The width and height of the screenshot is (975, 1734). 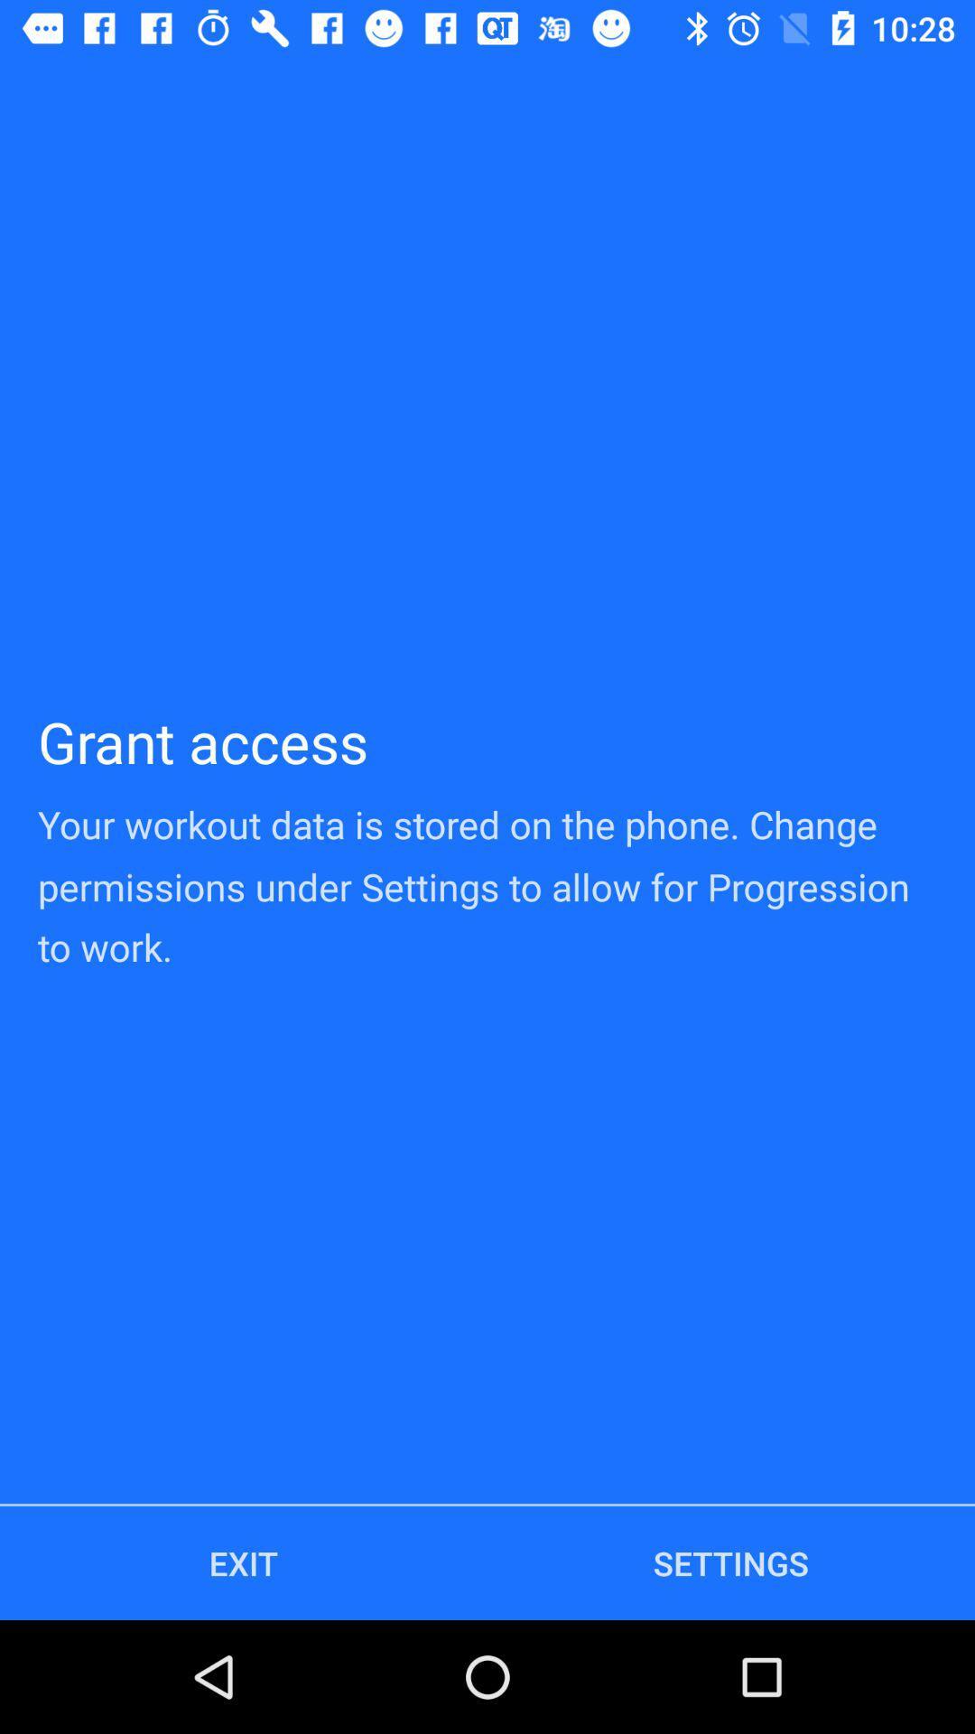 What do you see at coordinates (244, 1562) in the screenshot?
I see `icon to the left of the settings item` at bounding box center [244, 1562].